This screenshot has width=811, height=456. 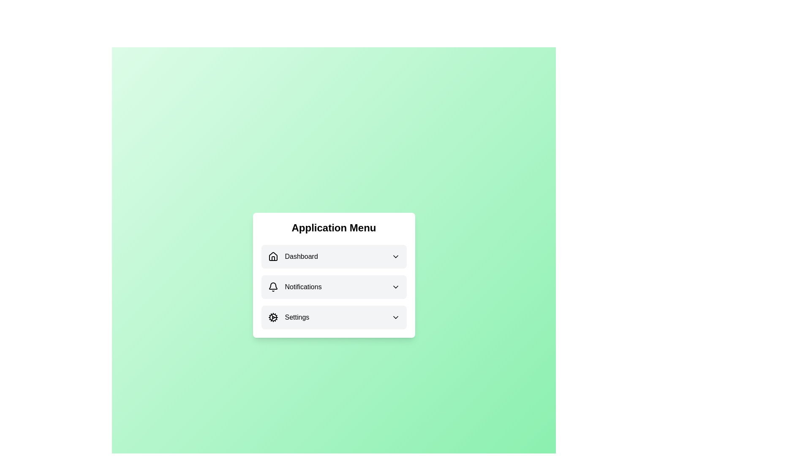 I want to click on the 'Dashboard' navigation menu item, which consists of a house-shaped icon and the text 'Dashboard', positioned at the top of the vertical menu list, so click(x=293, y=256).